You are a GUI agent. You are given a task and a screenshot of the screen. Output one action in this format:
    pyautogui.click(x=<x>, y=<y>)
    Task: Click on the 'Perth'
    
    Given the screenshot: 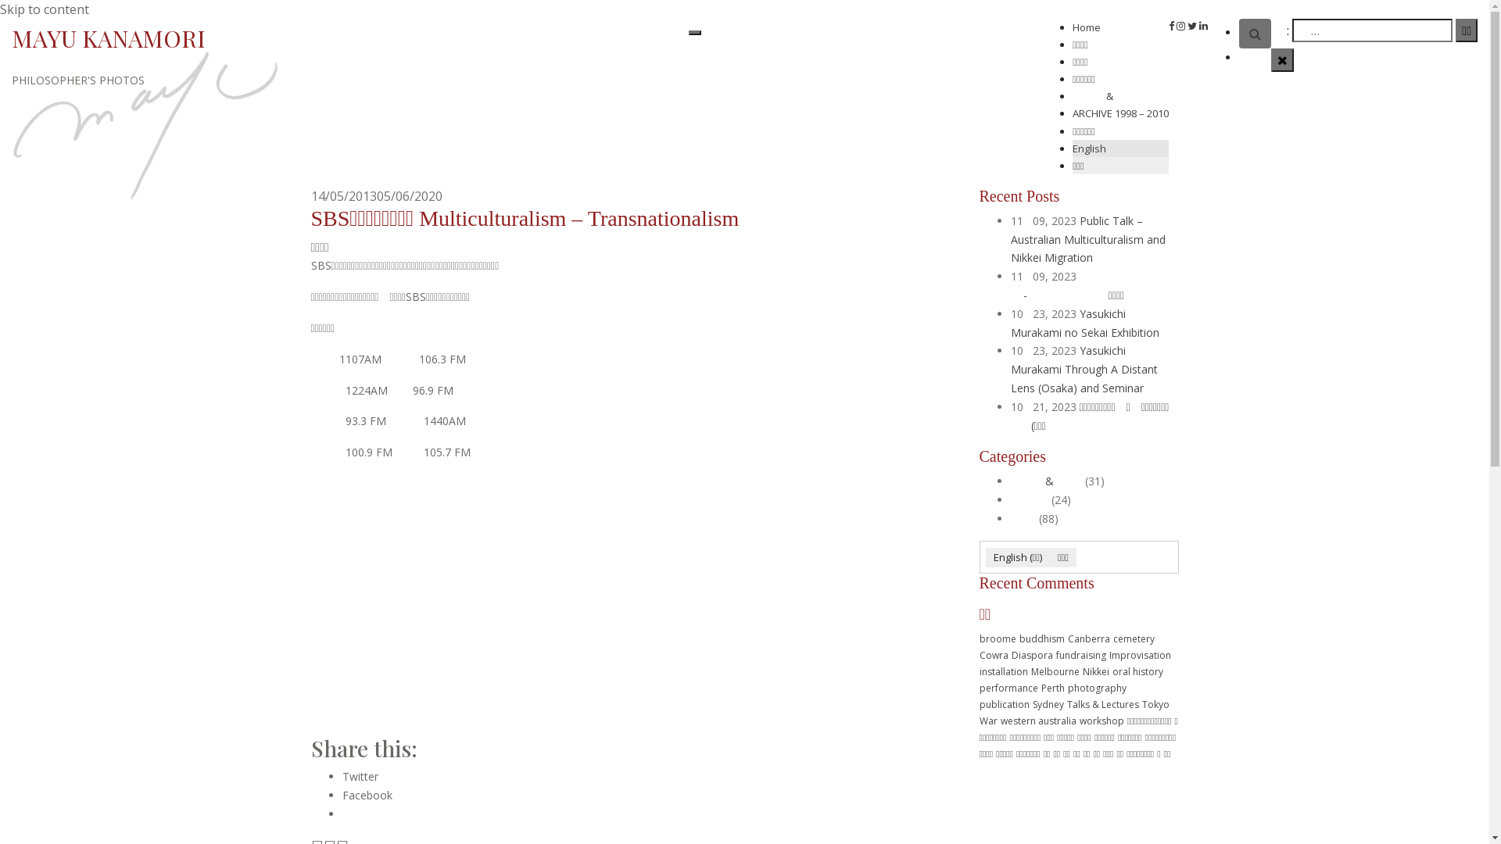 What is the action you would take?
    pyautogui.click(x=1053, y=687)
    